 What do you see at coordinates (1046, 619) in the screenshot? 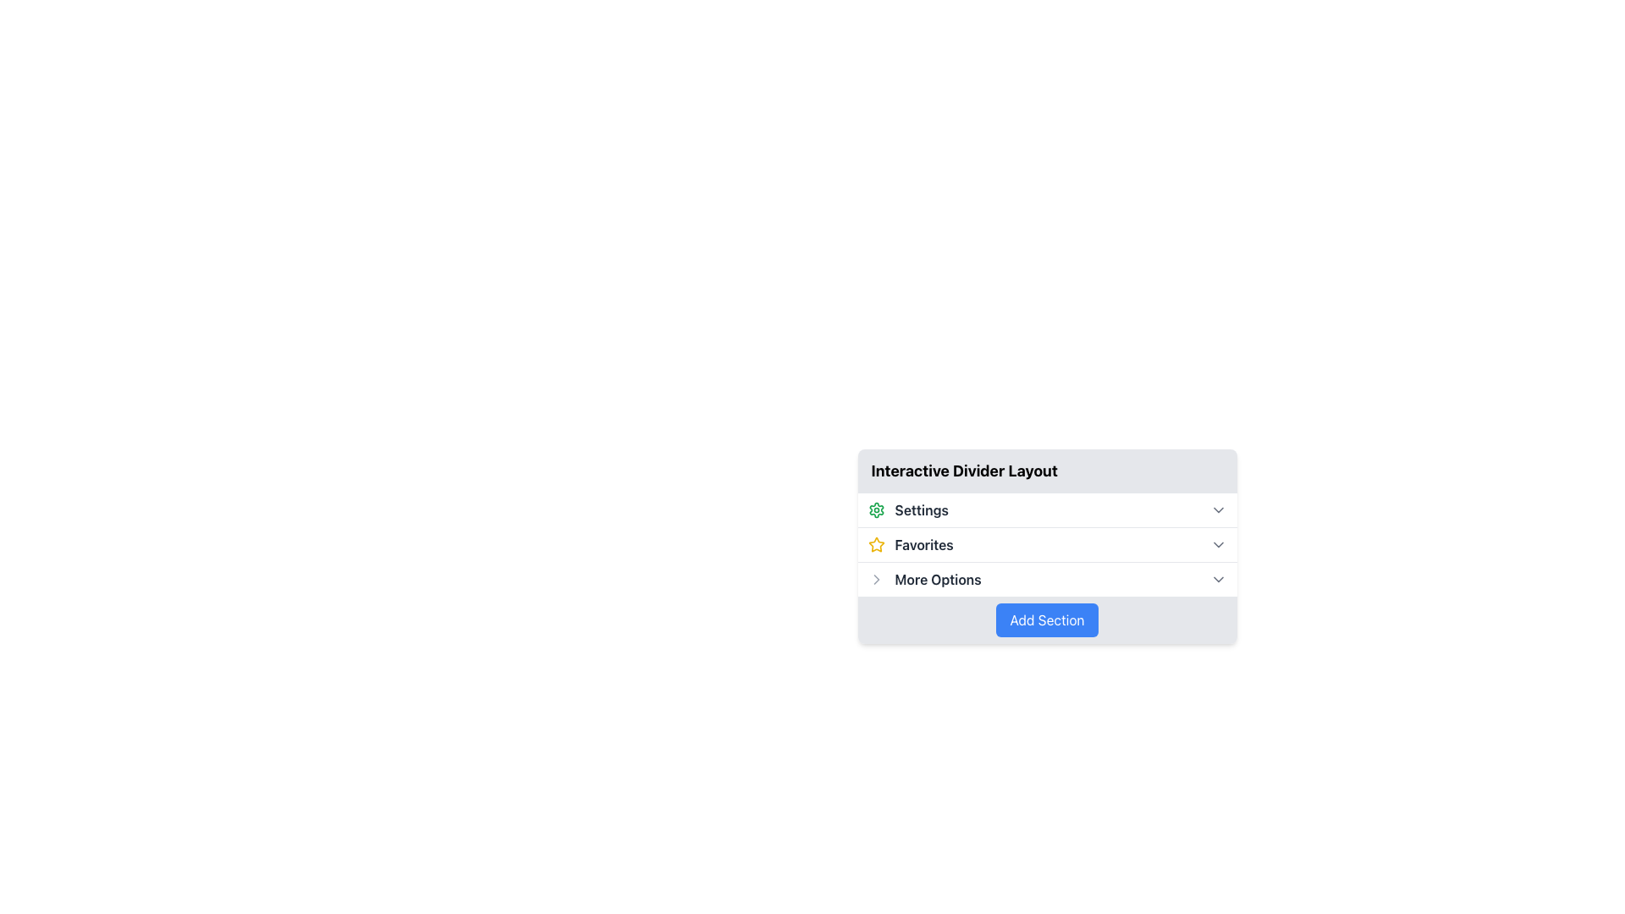
I see `the 'Add Section' button` at bounding box center [1046, 619].